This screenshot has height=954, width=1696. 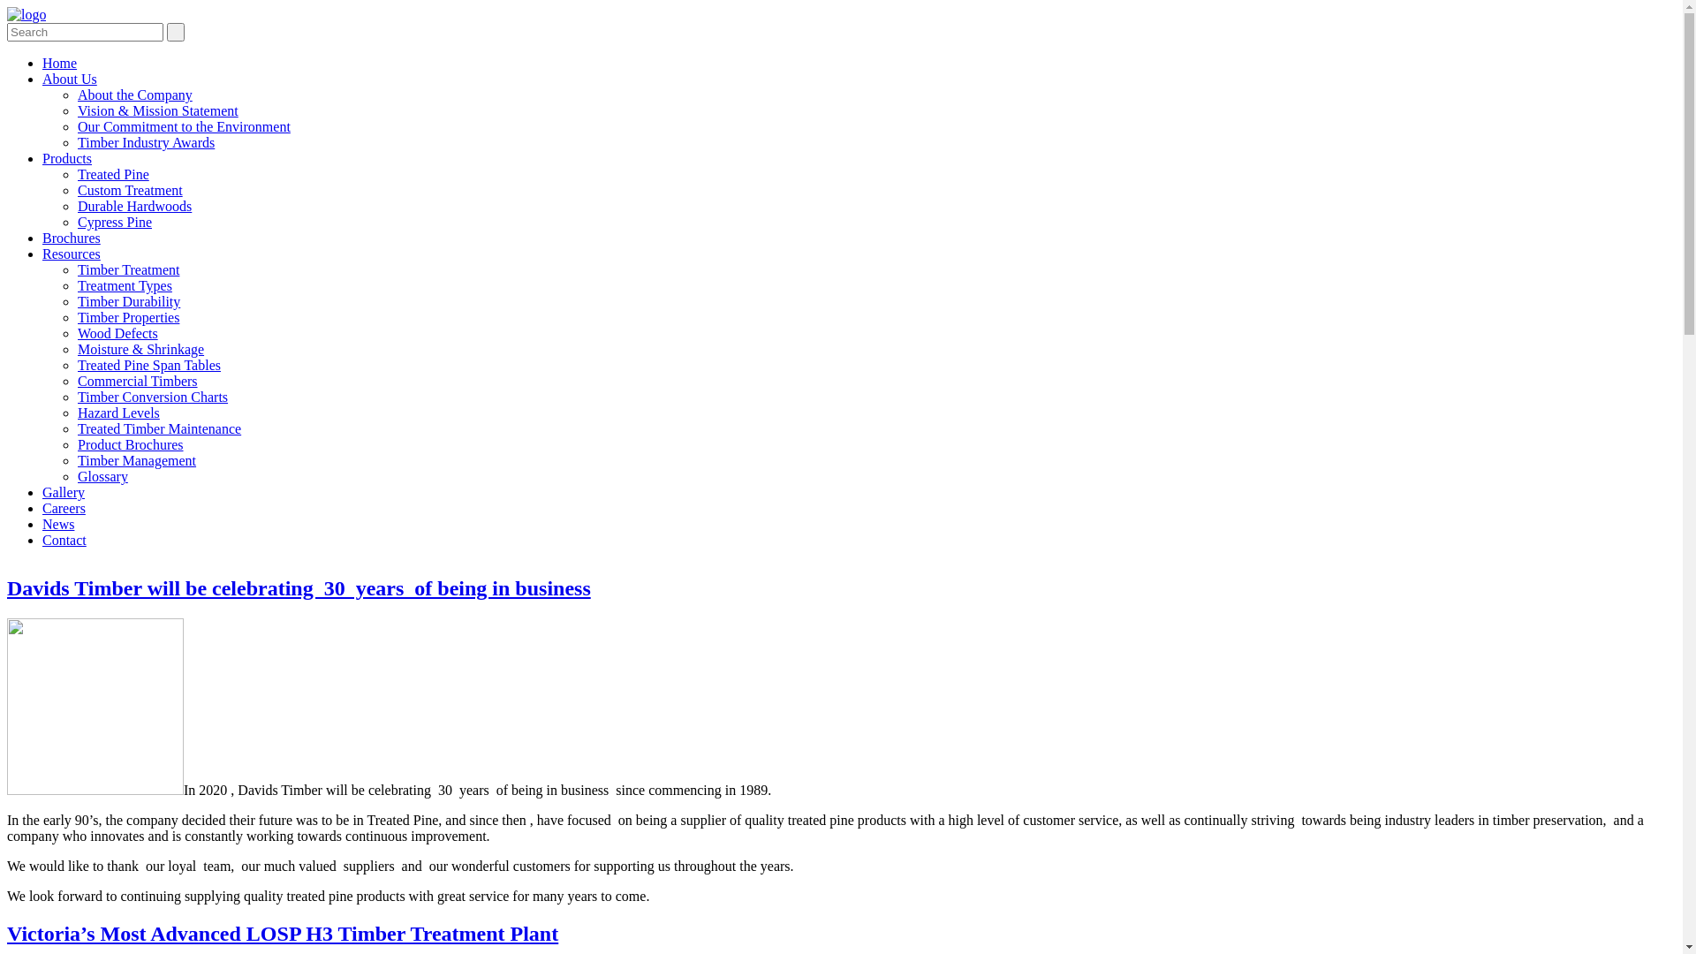 What do you see at coordinates (102, 475) in the screenshot?
I see `'Glossary'` at bounding box center [102, 475].